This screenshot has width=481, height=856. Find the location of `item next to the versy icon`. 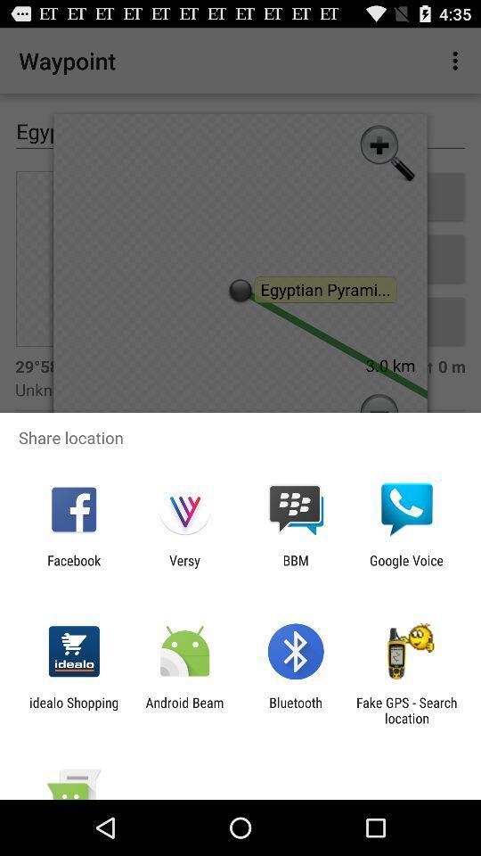

item next to the versy icon is located at coordinates (73, 567).